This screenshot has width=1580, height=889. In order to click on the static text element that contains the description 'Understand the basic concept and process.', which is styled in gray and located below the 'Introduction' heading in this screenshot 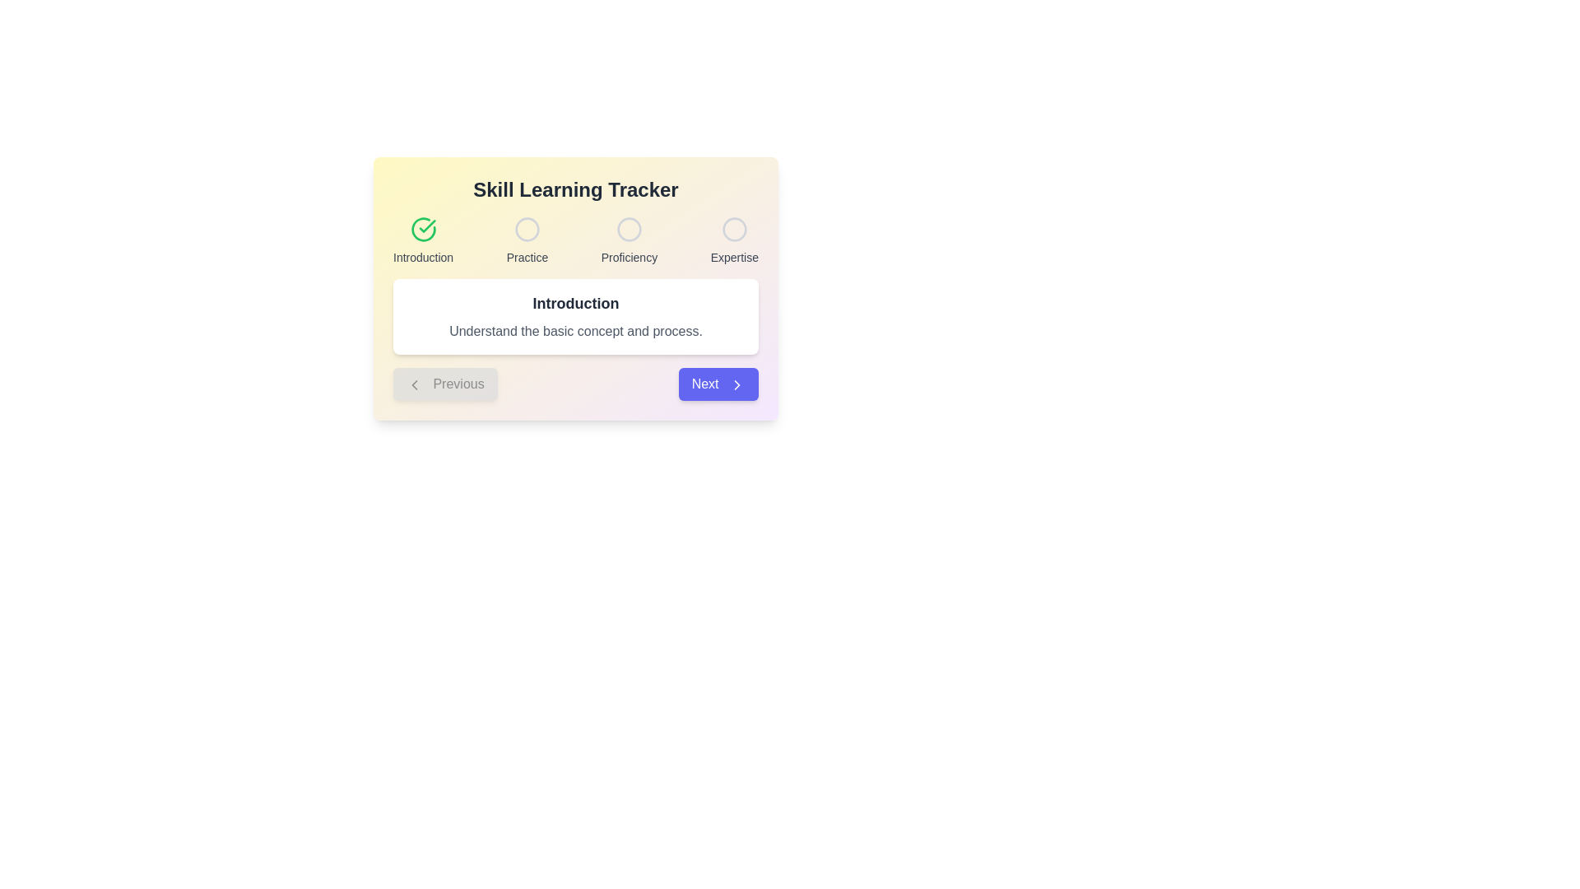, I will do `click(576, 331)`.